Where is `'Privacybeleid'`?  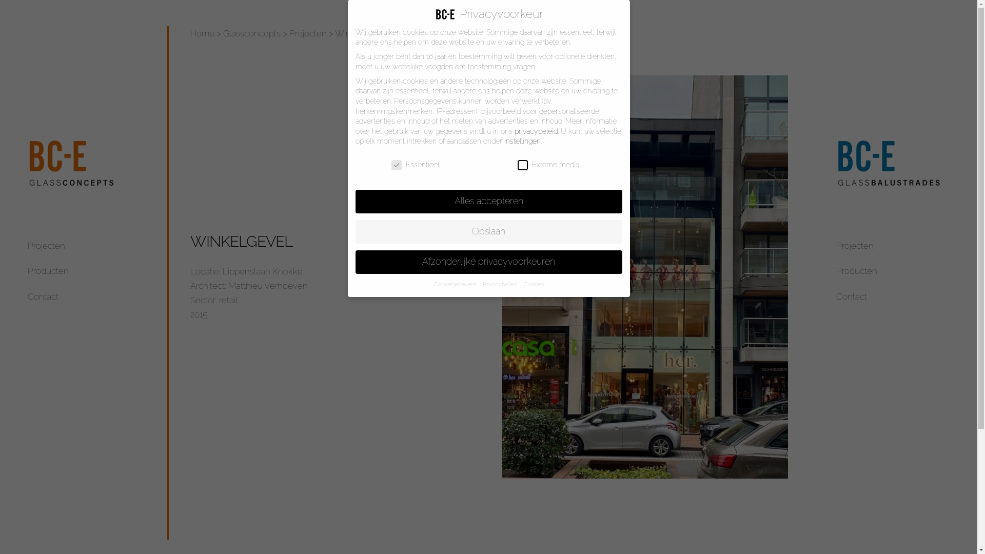 'Privacybeleid' is located at coordinates (500, 284).